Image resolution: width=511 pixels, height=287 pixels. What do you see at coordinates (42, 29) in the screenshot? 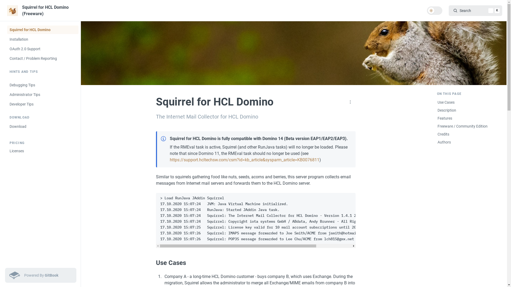
I see `'Squirrel for HCL Domino'` at bounding box center [42, 29].